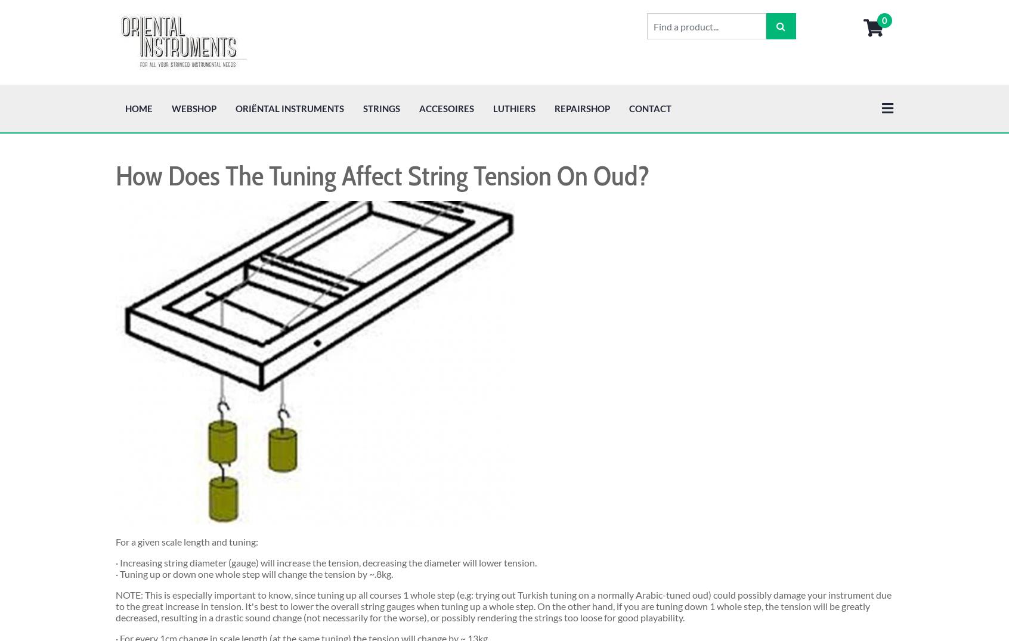 This screenshot has height=641, width=1009. Describe the element at coordinates (253, 488) in the screenshot. I see `'· Tuning up or down one whole step will change the tension by ~.8kg.'` at that location.